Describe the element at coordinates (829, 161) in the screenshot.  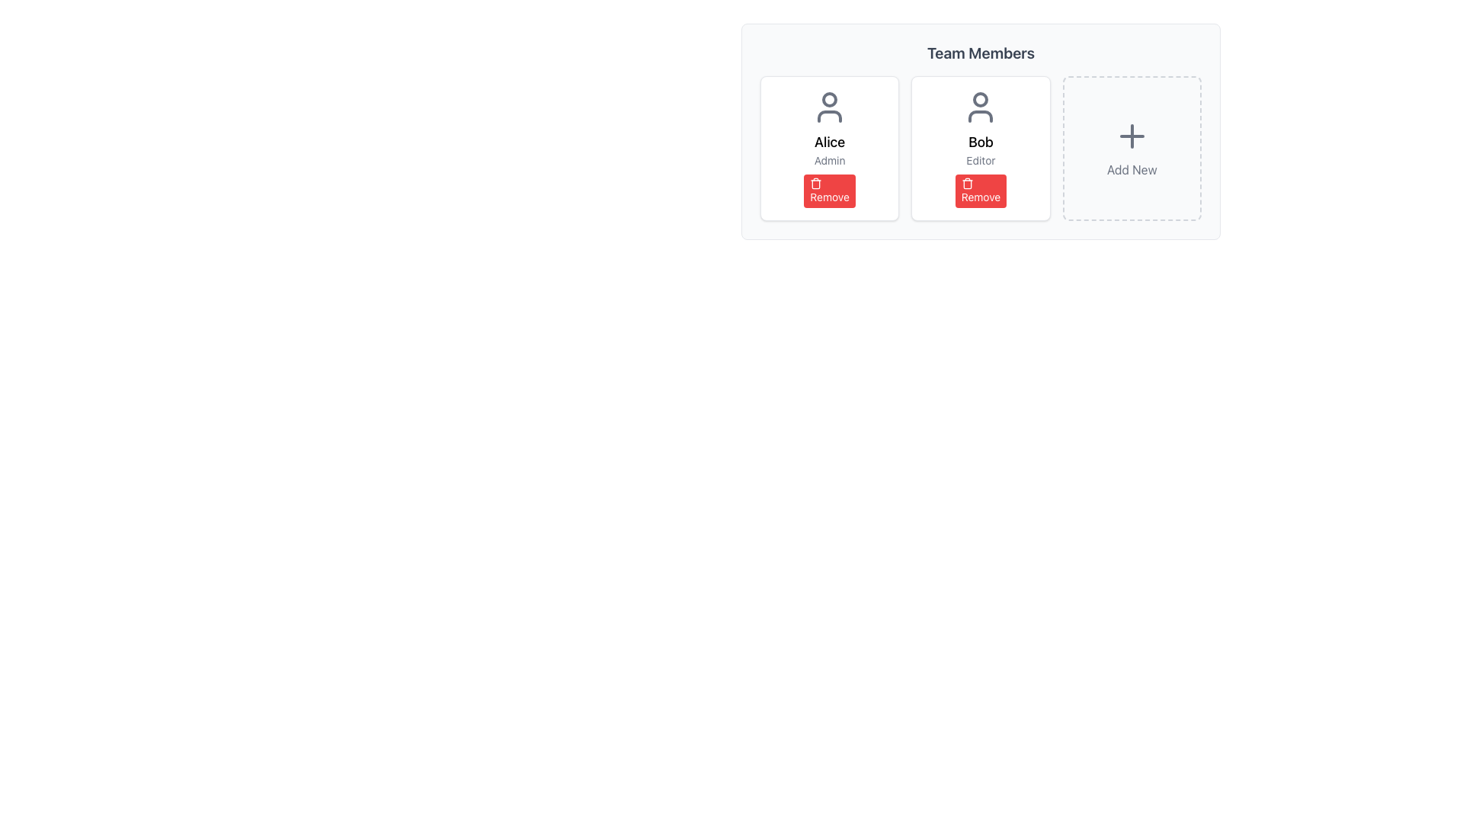
I see `the text label reading 'Admin' which is styled with a small font size and gray color, located below the 'Alice' label in the team member card` at that location.